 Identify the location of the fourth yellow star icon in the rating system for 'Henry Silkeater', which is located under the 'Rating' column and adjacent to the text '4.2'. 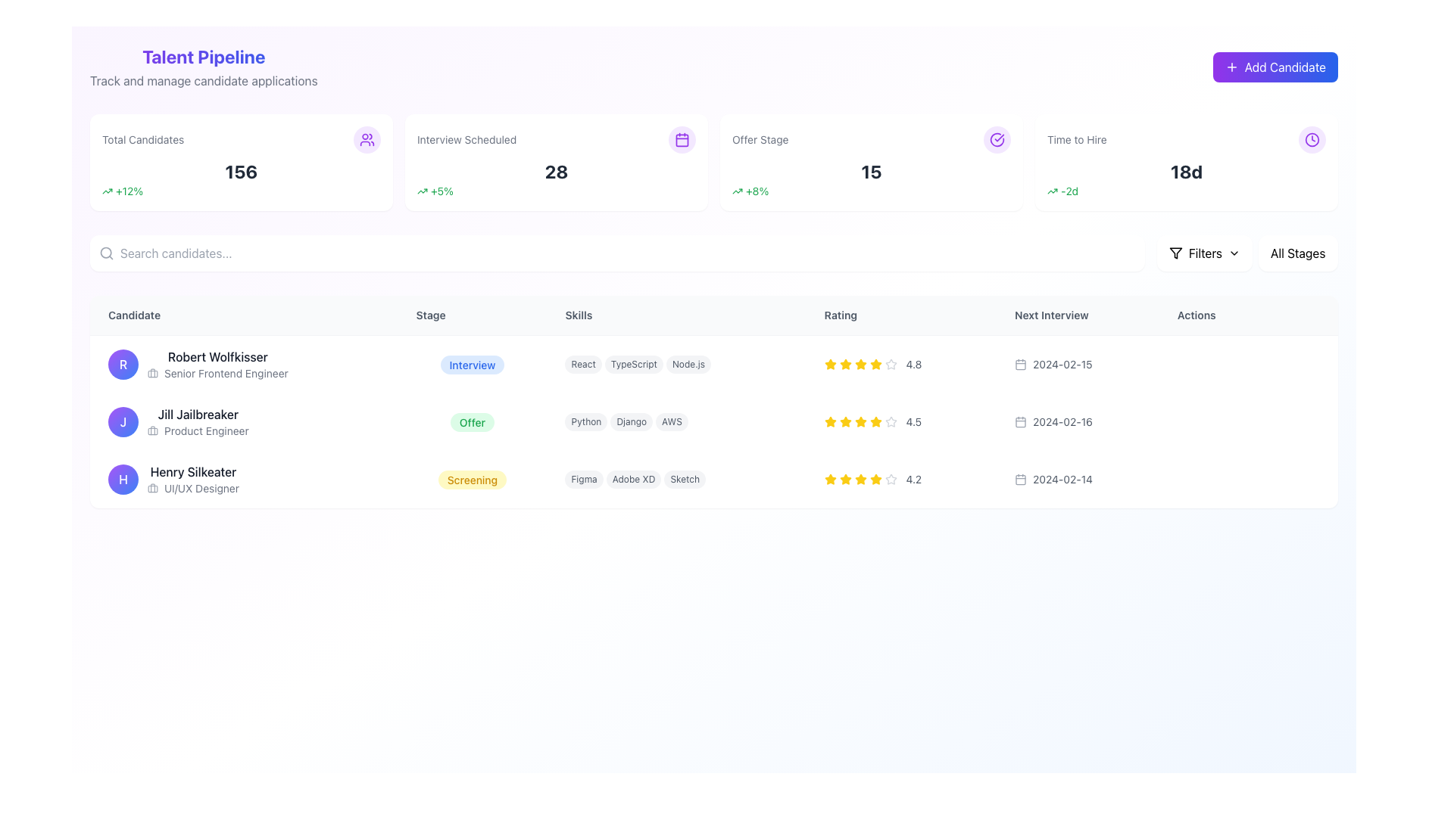
(860, 479).